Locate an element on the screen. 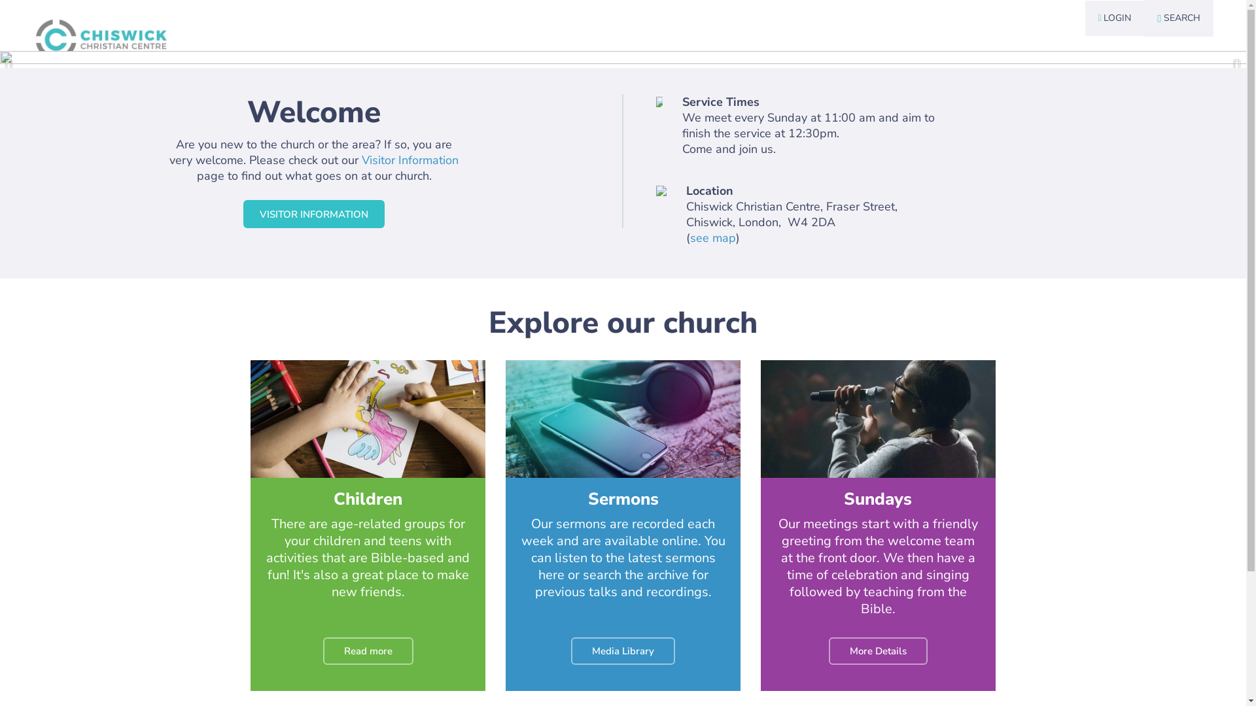 The height and width of the screenshot is (706, 1256). ' LOGIN' is located at coordinates (1114, 18).